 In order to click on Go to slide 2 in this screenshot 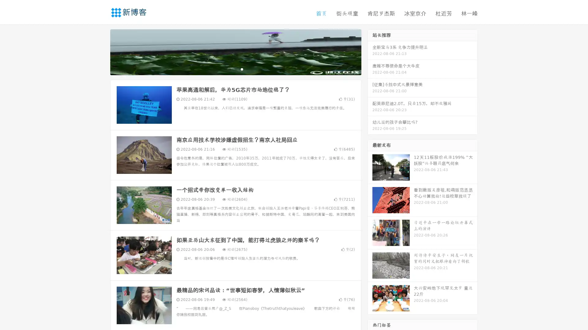, I will do `click(235, 69)`.